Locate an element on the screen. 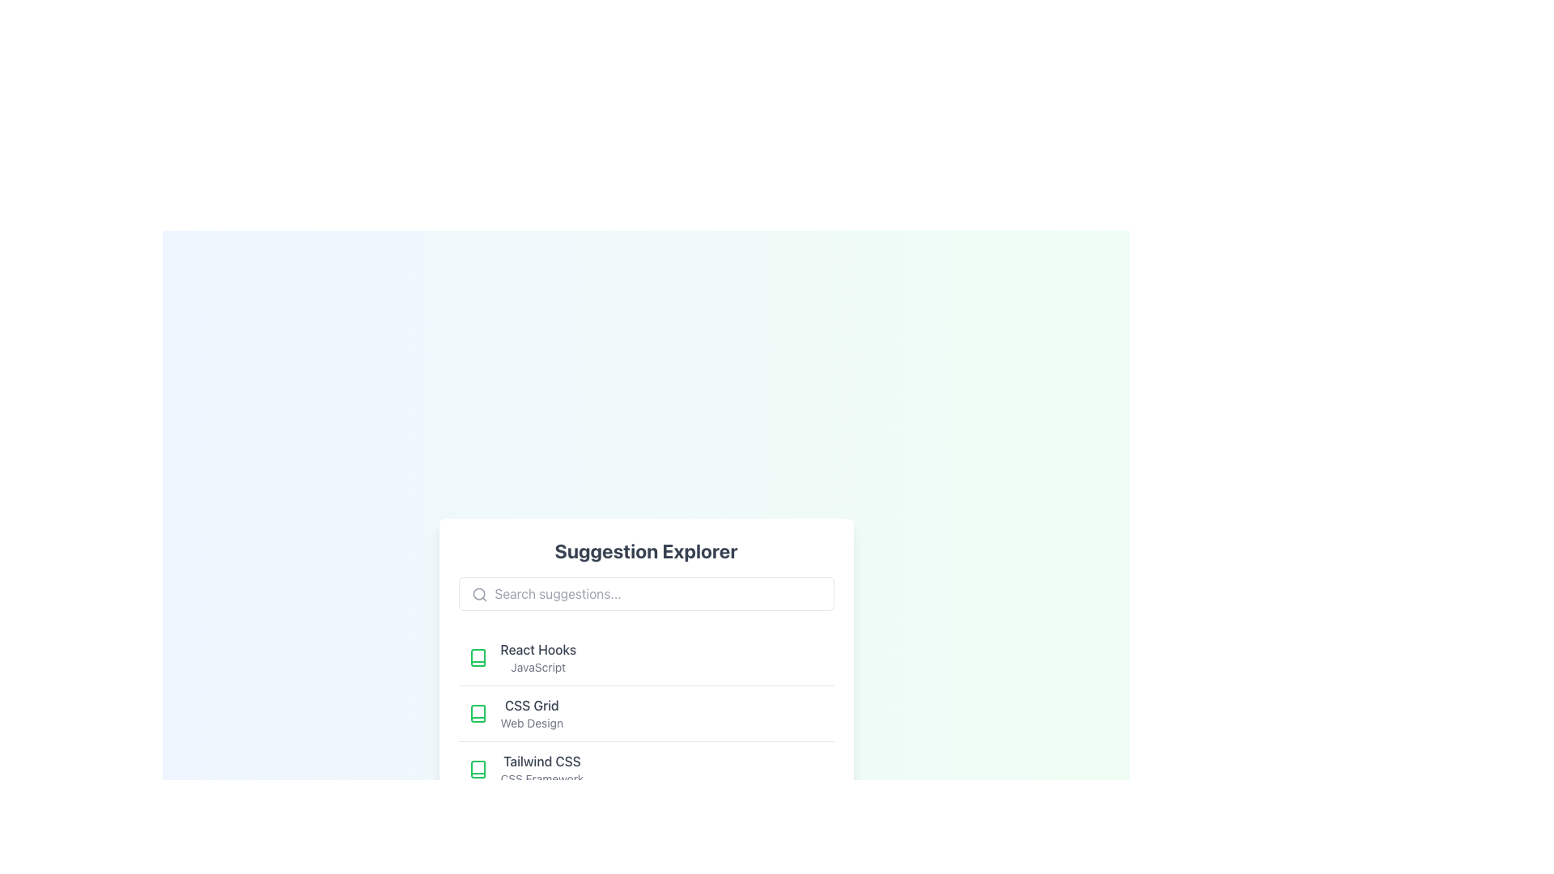  the descriptive subtitle label for 'Tailwind CSS' located in the lower portion of the suggestion card in the 'Suggestion Explorer' interface is located at coordinates (541, 779).